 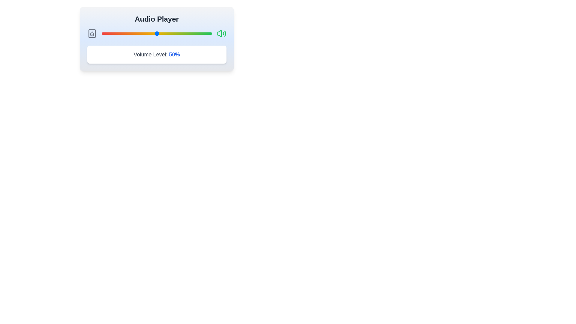 I want to click on the volume slider to 44% by dragging the slider, so click(x=150, y=33).